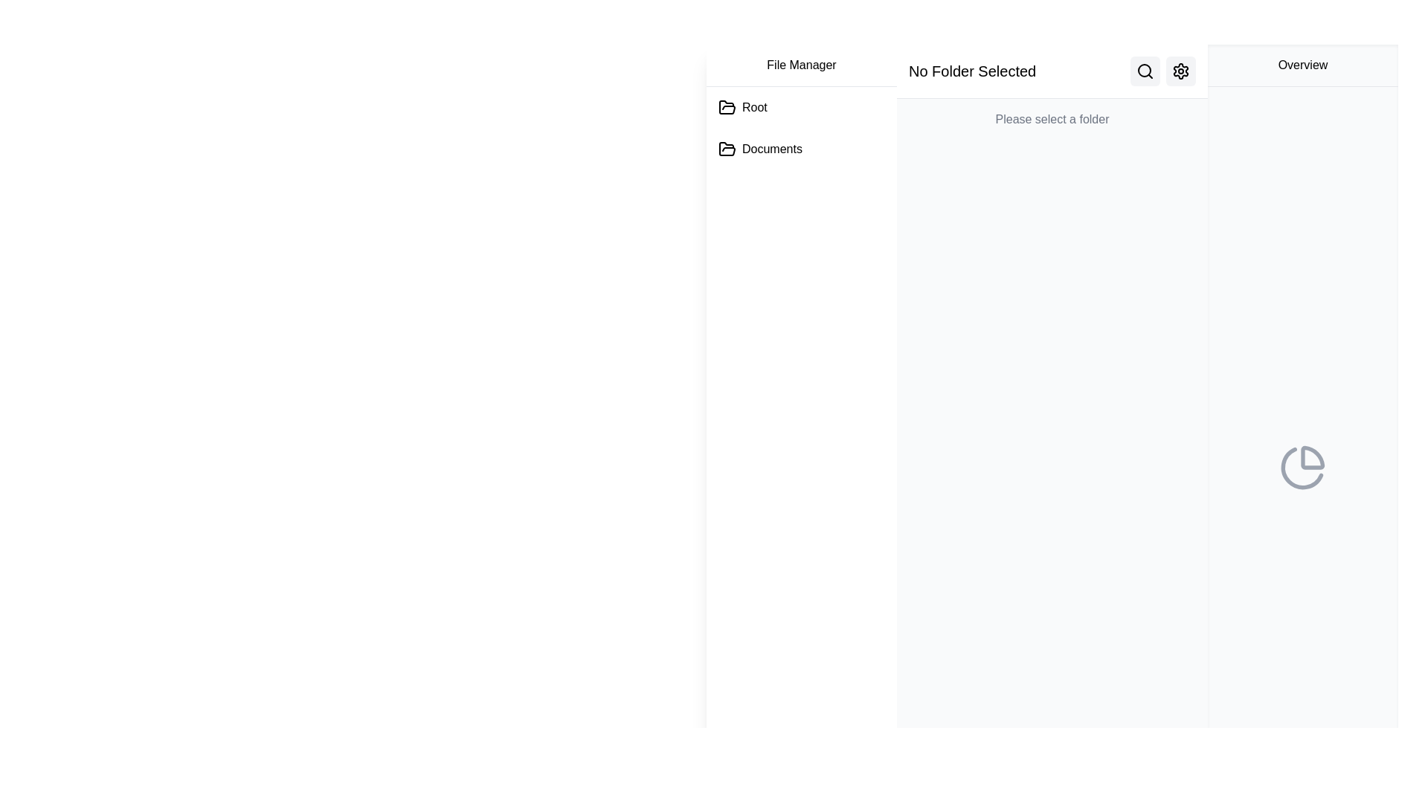 This screenshot has height=803, width=1428. I want to click on the pie chart icon segment located in the bottom-right of the circular pie chart, adjacent to the 'Overview' label, so click(1313, 457).